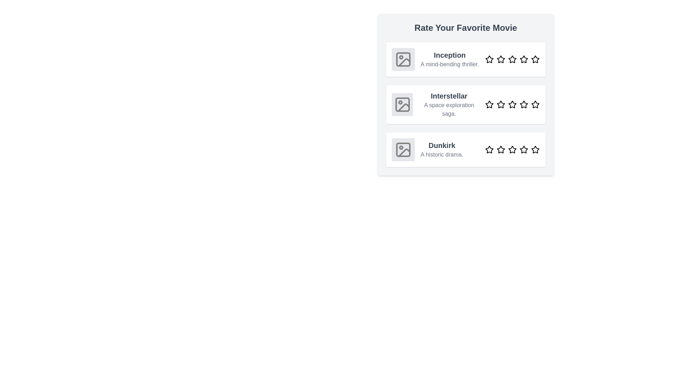  Describe the element at coordinates (449, 95) in the screenshot. I see `the text label displaying 'Interstellar' in a bold, large font under the 'Rate Your Favorite Movie' section` at that location.